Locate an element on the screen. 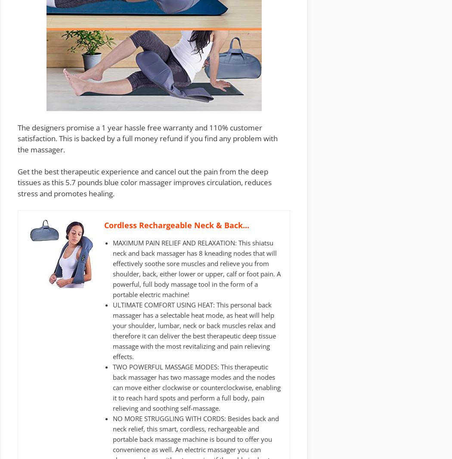 Image resolution: width=452 pixels, height=459 pixels. 'TWO POWERFUL MASSAGE MODES: This therapeutic back massager has two massage modes and the nodes can move either clockwise or counterclockwise, enabling it to reach hard spots and perform a full body, pain relieving and soothing self-massage.' is located at coordinates (196, 388).